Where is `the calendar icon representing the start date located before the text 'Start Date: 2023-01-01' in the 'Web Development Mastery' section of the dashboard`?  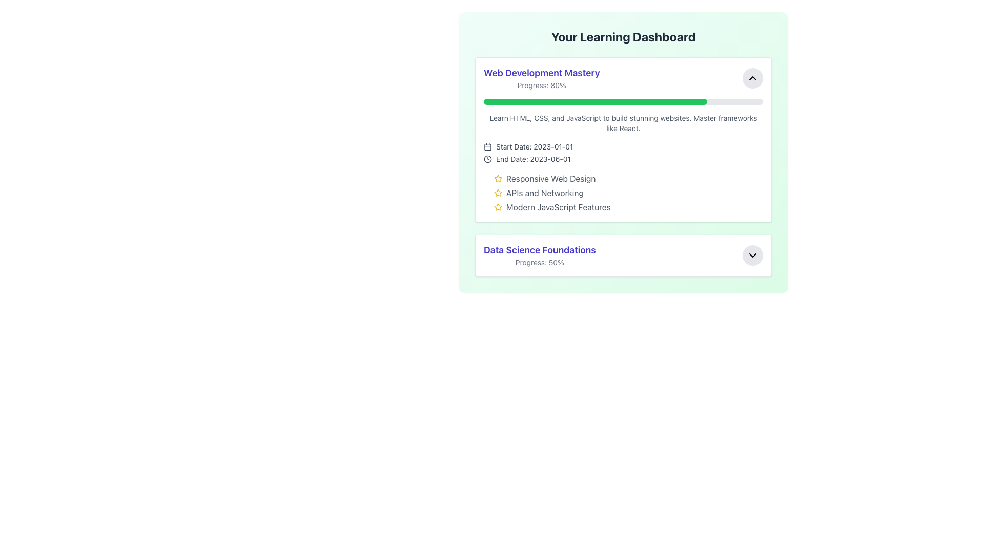 the calendar icon representing the start date located before the text 'Start Date: 2023-01-01' in the 'Web Development Mastery' section of the dashboard is located at coordinates (487, 146).